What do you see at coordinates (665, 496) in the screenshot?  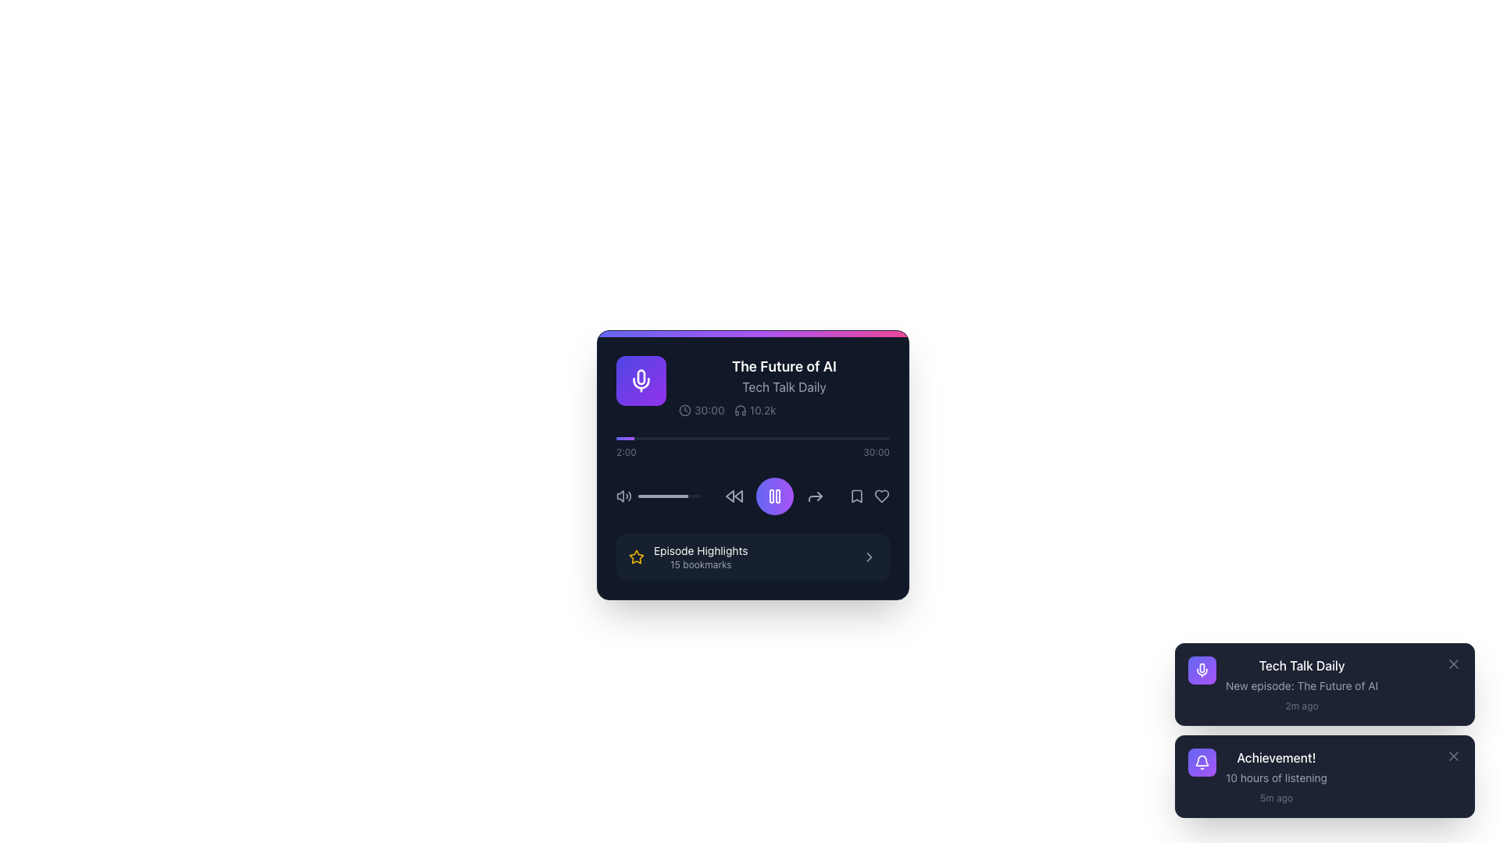 I see `the volume` at bounding box center [665, 496].